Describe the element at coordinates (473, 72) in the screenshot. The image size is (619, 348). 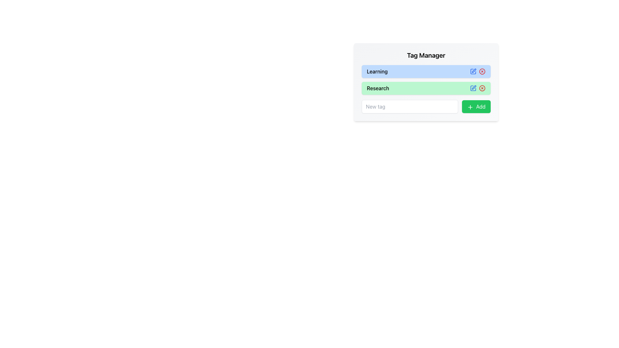
I see `the square-shaped icon button featuring a pencil, located in the top-right corner of the blue 'Learning' tag` at that location.